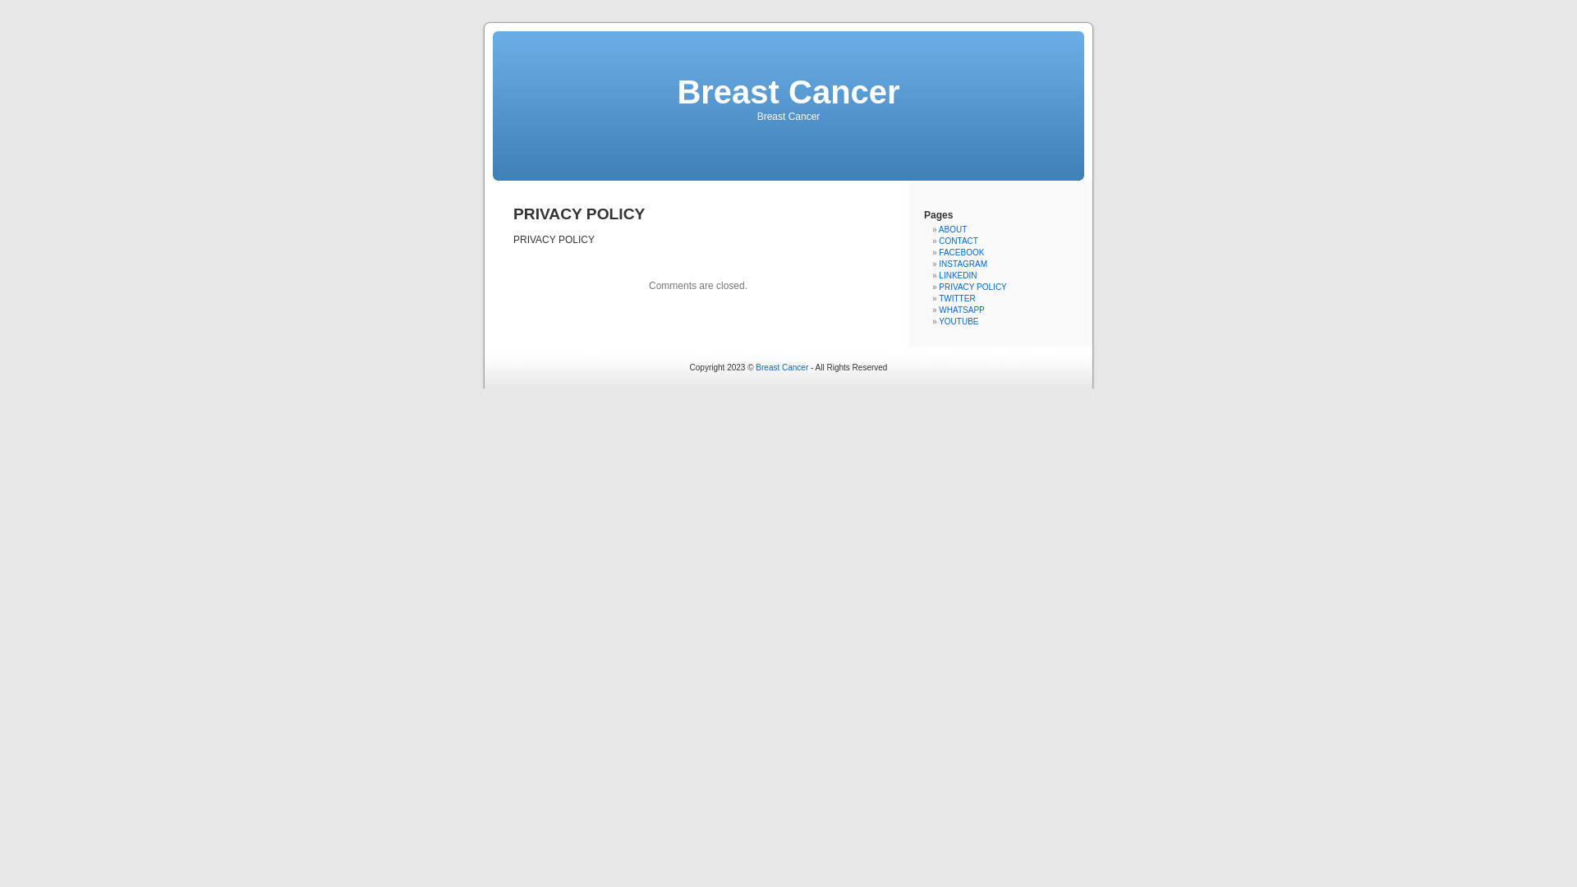  I want to click on 'Breast Cancer', so click(787, 91).